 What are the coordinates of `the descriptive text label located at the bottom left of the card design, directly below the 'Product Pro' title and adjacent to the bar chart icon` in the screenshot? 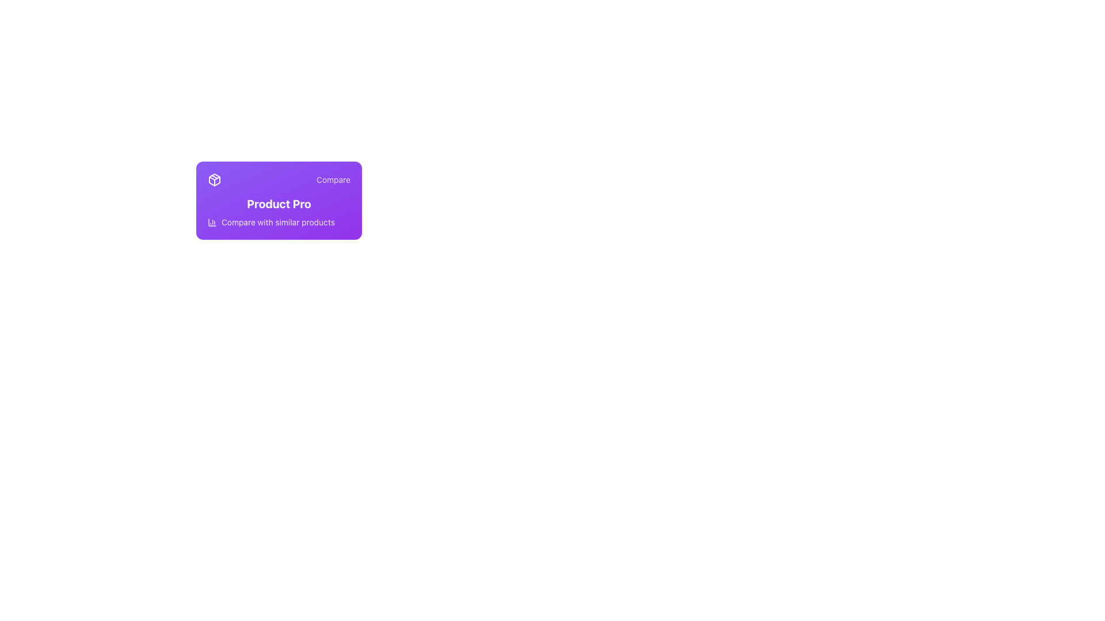 It's located at (278, 222).